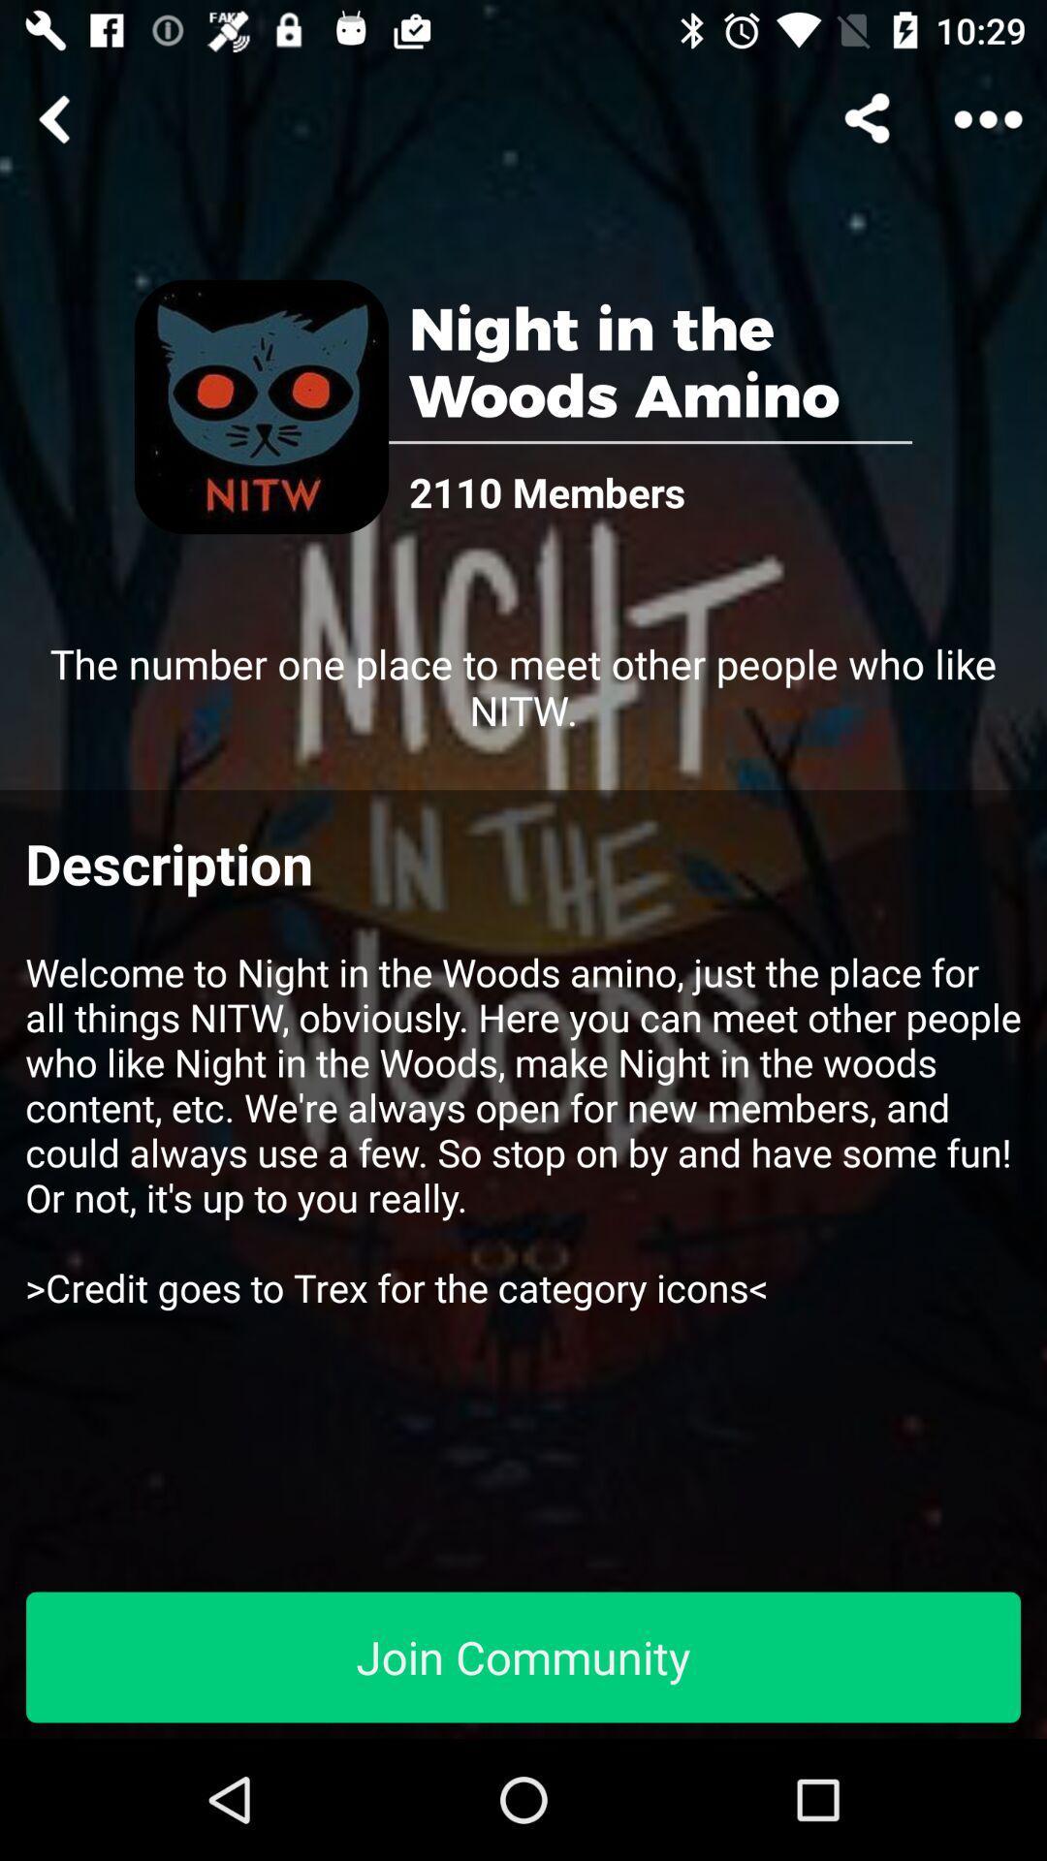 This screenshot has height=1861, width=1047. Describe the element at coordinates (57, 118) in the screenshot. I see `the arrow_backward icon` at that location.